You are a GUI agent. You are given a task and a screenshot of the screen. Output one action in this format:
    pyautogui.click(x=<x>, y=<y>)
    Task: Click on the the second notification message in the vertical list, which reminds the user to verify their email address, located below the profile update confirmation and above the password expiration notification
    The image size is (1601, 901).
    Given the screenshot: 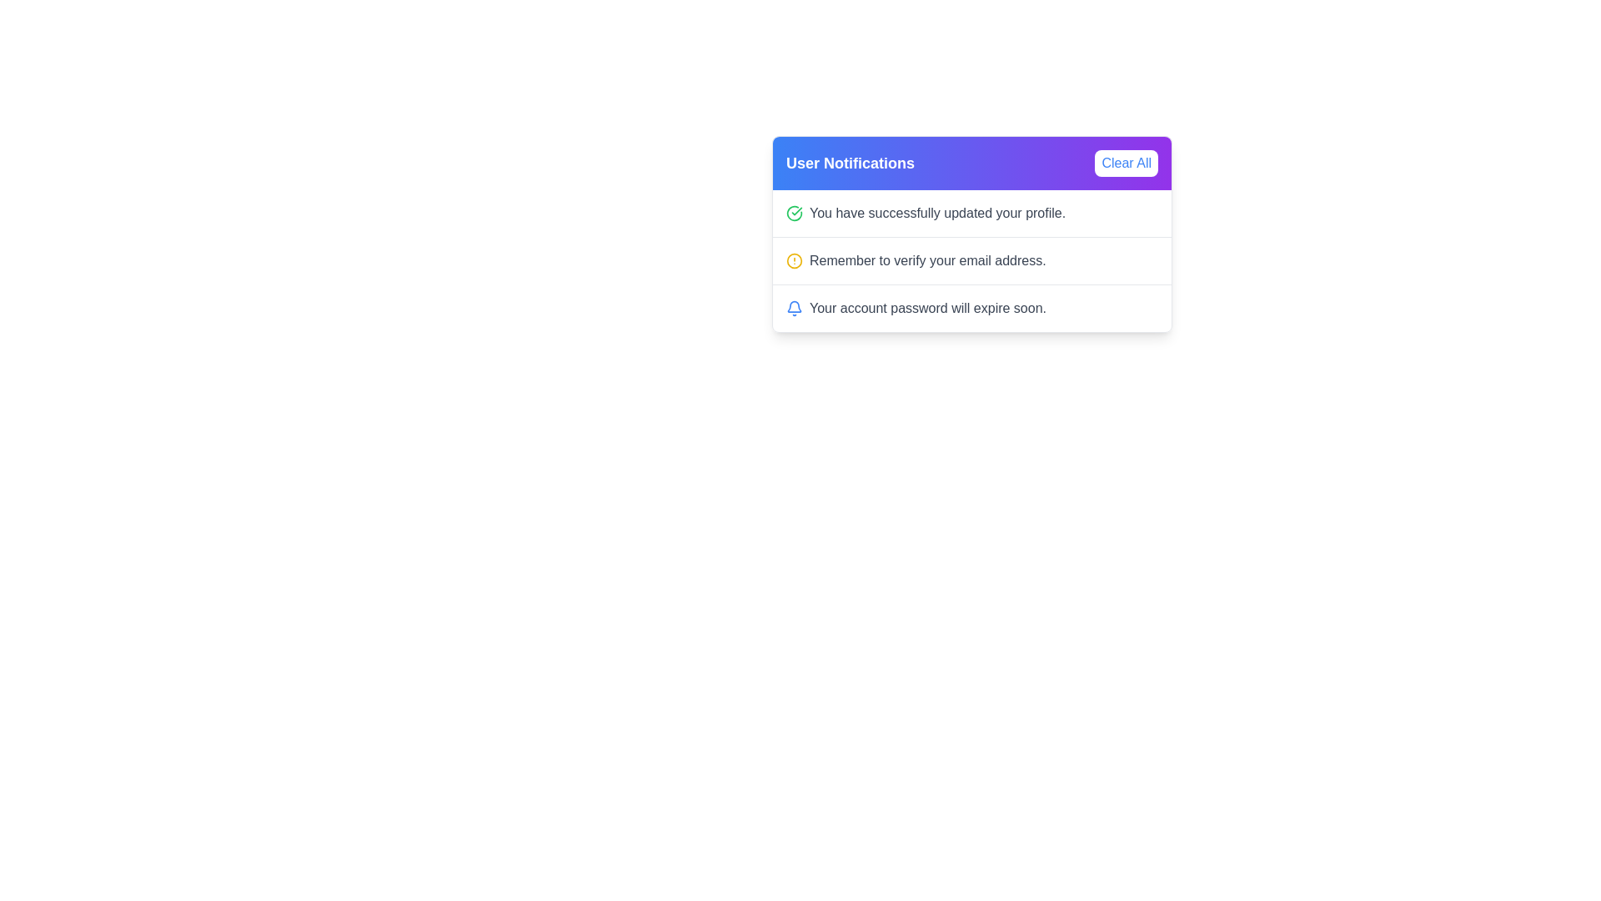 What is the action you would take?
    pyautogui.click(x=926, y=260)
    